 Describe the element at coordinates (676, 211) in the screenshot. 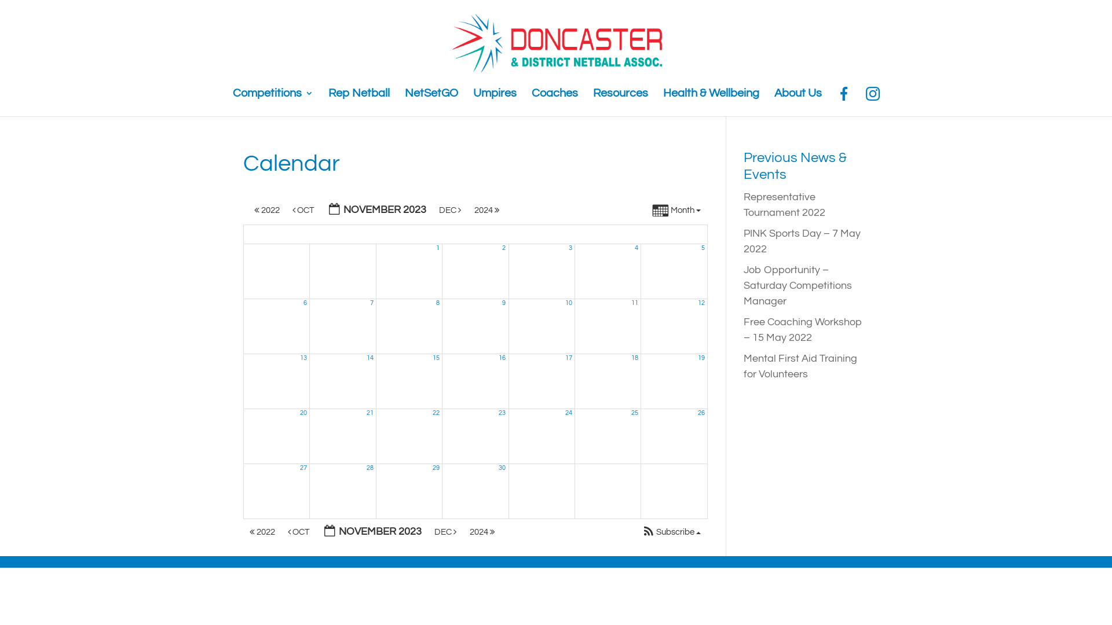

I see `'Month'` at that location.